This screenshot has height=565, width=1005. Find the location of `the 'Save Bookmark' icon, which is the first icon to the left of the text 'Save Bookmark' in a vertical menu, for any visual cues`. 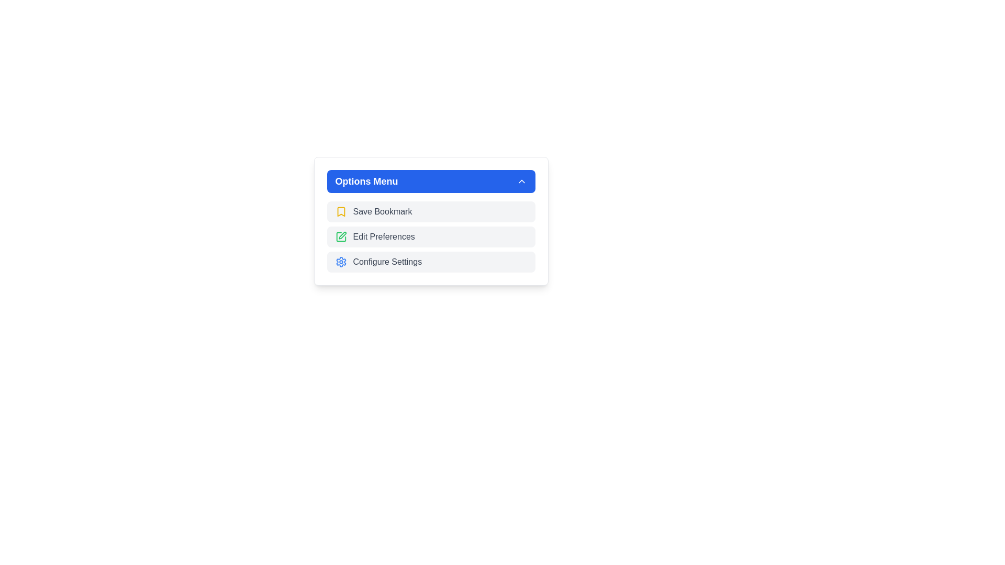

the 'Save Bookmark' icon, which is the first icon to the left of the text 'Save Bookmark' in a vertical menu, for any visual cues is located at coordinates (341, 212).